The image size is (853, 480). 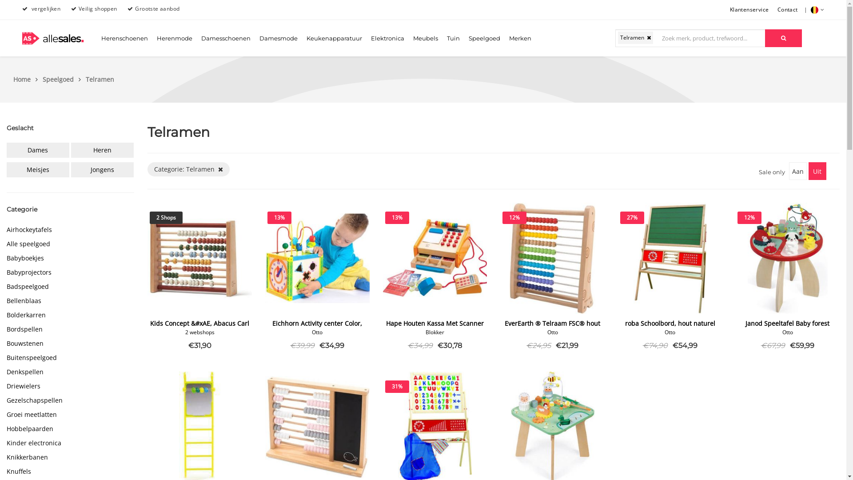 What do you see at coordinates (6, 329) in the screenshot?
I see `'Bordspellen'` at bounding box center [6, 329].